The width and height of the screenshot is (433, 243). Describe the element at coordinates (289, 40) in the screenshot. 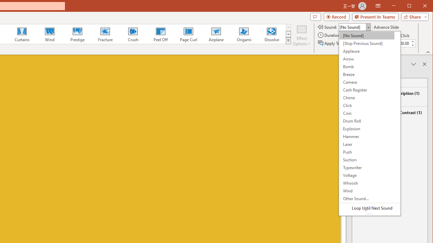

I see `'Class: NetUIImage'` at that location.